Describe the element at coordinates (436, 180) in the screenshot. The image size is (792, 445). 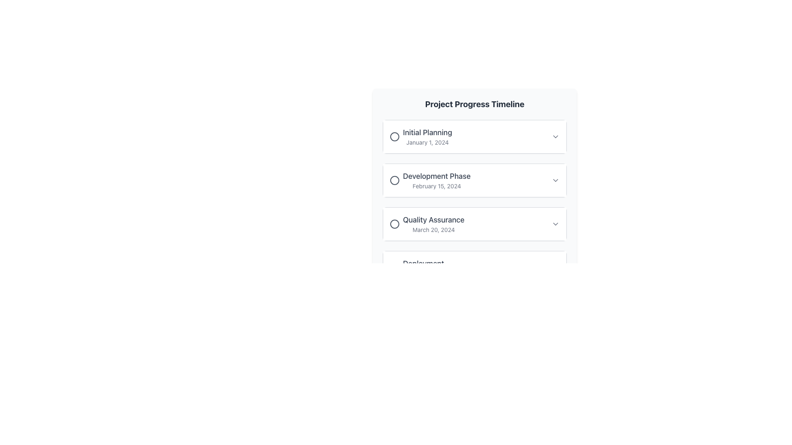
I see `the text-based informational element displaying 'Development Phase' and the date 'February 15, 2024', which is the second item in the project timeline` at that location.